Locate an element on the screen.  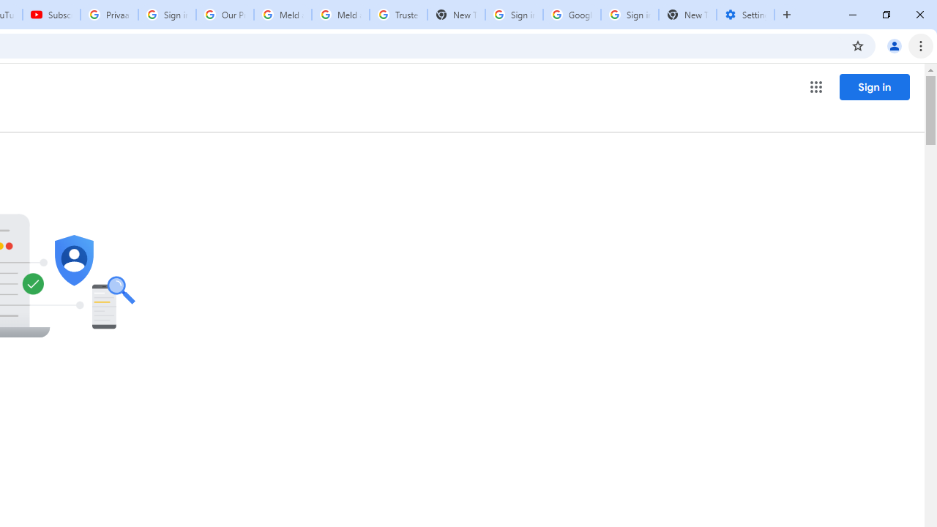
'Settings - Addresses and more' is located at coordinates (745, 15).